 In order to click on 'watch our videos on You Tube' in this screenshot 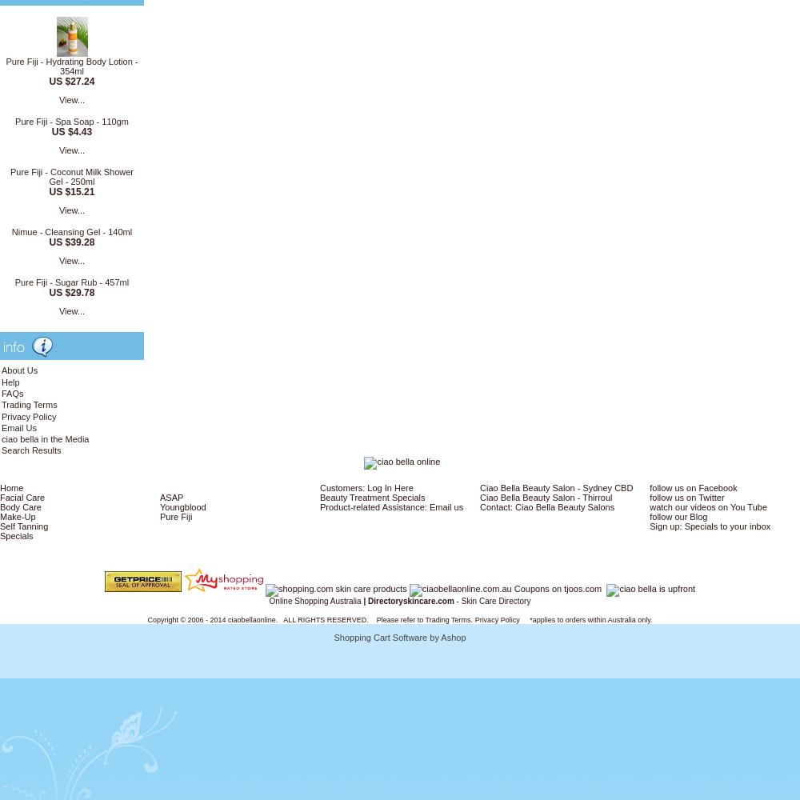, I will do `click(708, 506)`.